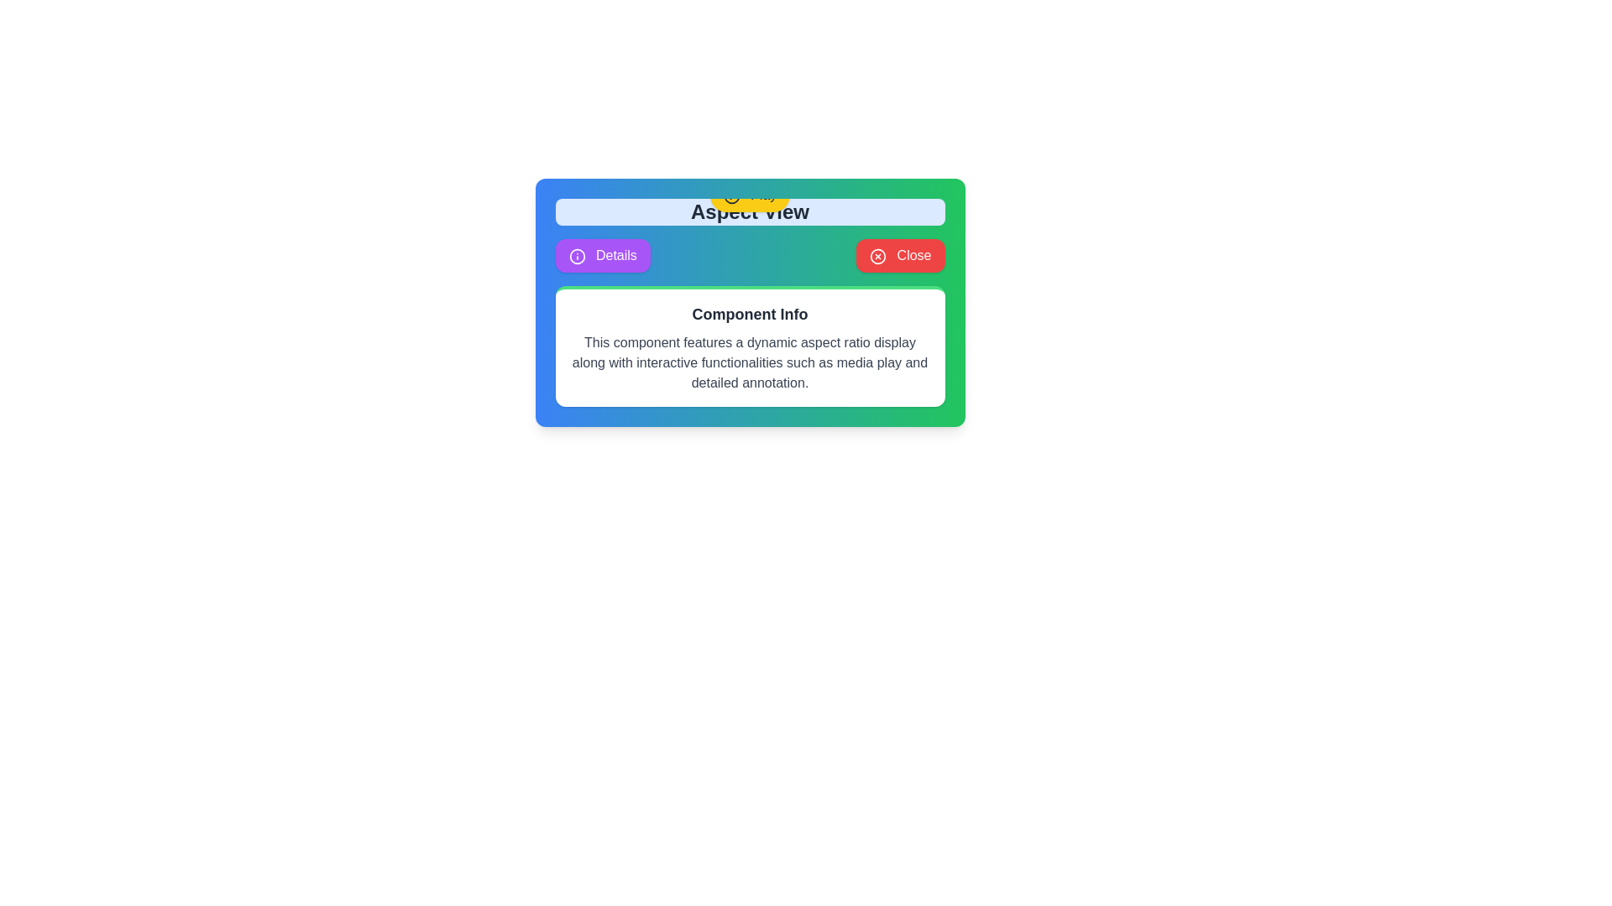  What do you see at coordinates (731, 195) in the screenshot?
I see `the circular icon located centrally in the header section of the 'Aspect view' dialog box, which complements the 'Details' and 'Close' buttons` at bounding box center [731, 195].